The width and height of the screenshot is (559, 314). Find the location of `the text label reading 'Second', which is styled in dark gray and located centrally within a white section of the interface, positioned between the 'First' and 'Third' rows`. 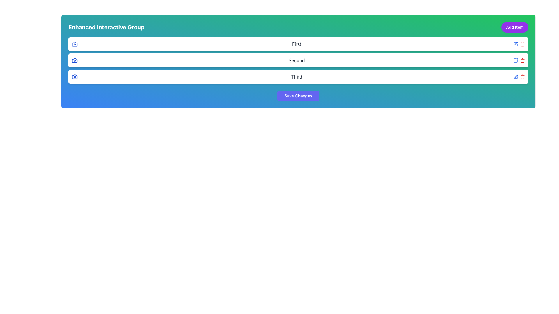

the text label reading 'Second', which is styled in dark gray and located centrally within a white section of the interface, positioned between the 'First' and 'Third' rows is located at coordinates (296, 60).